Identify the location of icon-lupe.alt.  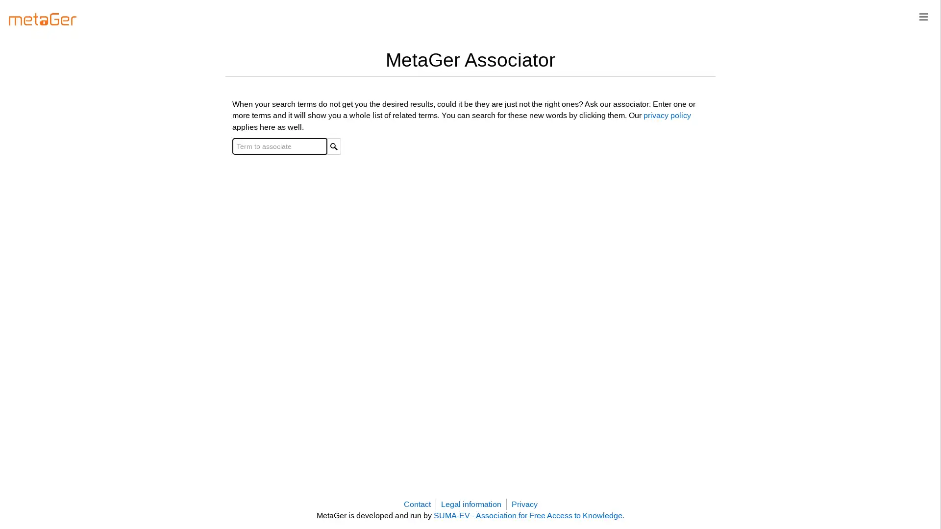
(334, 145).